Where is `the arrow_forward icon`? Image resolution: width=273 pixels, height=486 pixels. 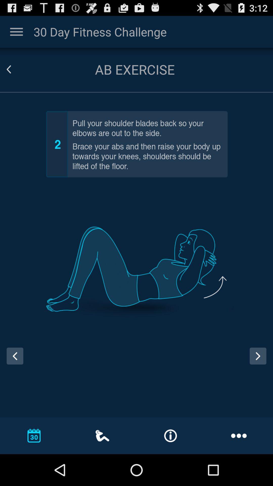 the arrow_forward icon is located at coordinates (260, 386).